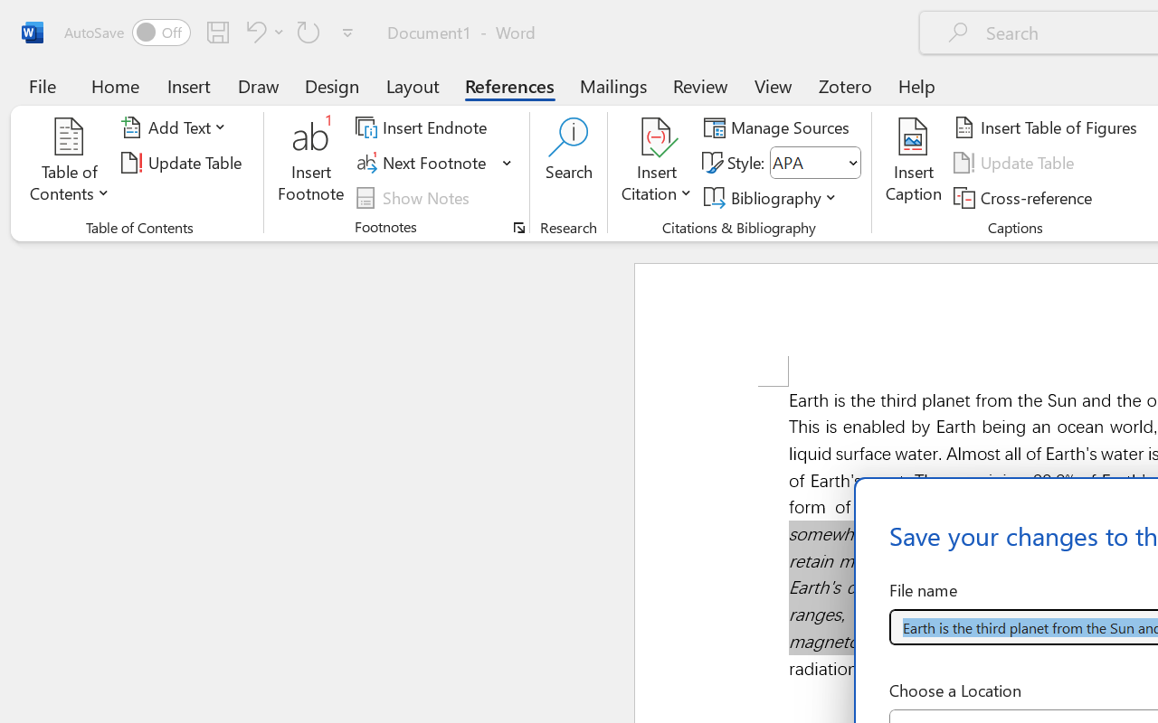 The width and height of the screenshot is (1158, 723). Describe the element at coordinates (422, 162) in the screenshot. I see `'Next Footnote'` at that location.